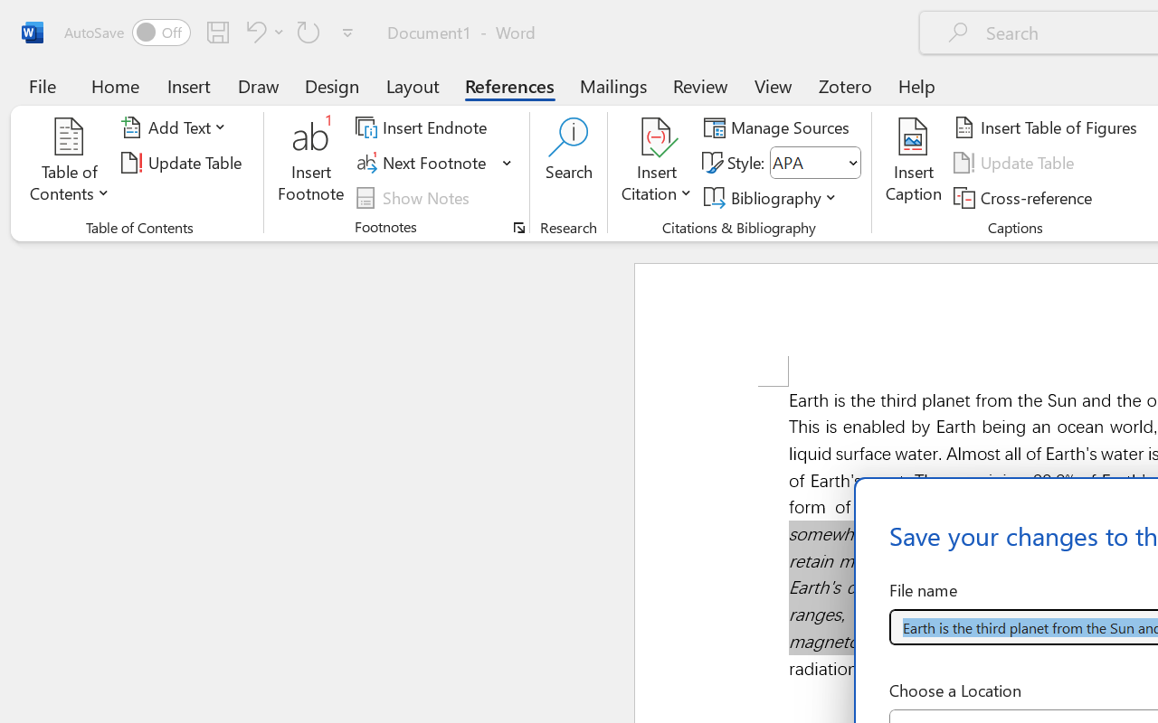 The width and height of the screenshot is (1158, 723). Describe the element at coordinates (422, 162) in the screenshot. I see `'Next Footnote'` at that location.